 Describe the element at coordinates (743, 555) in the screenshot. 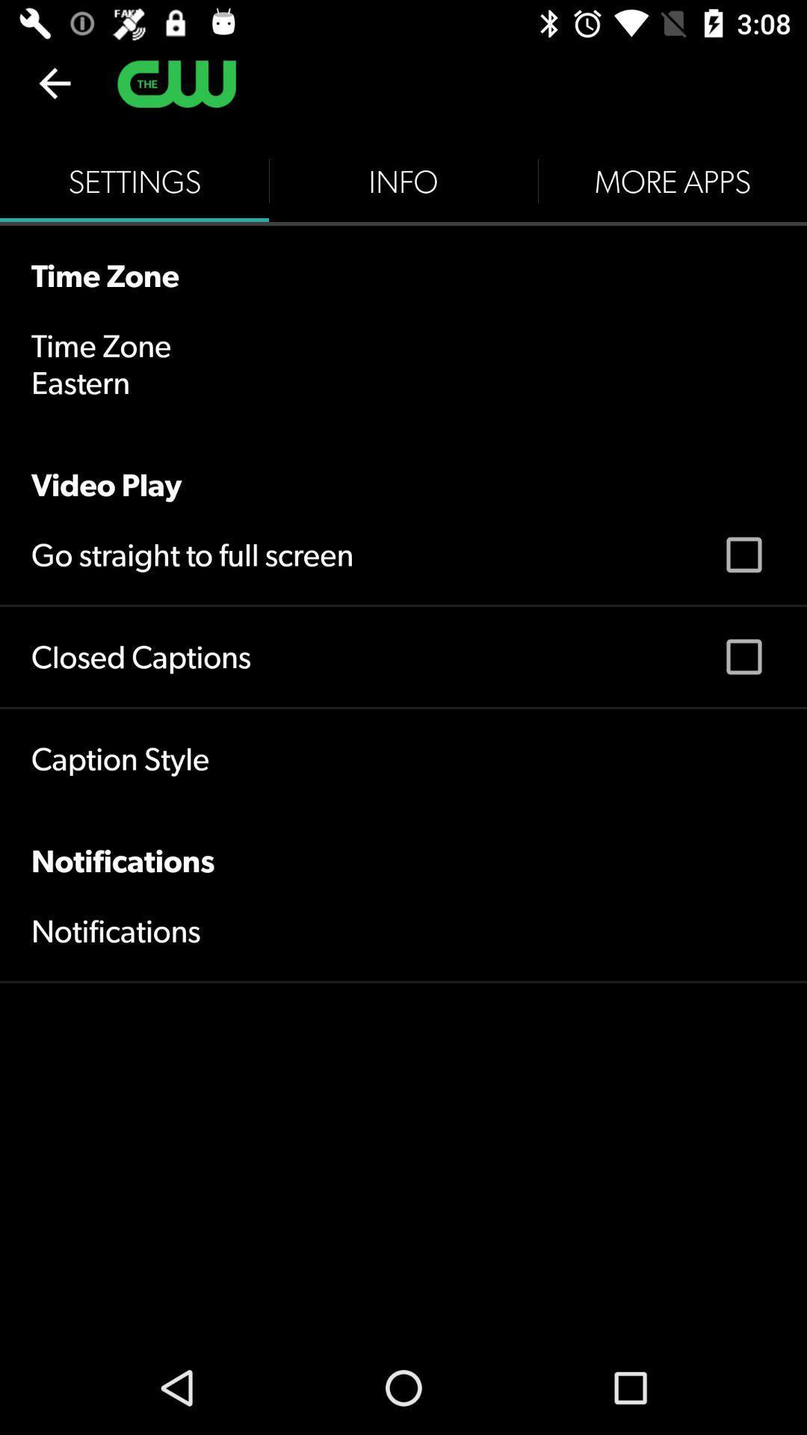

I see `the button right to go straight to full screen` at that location.